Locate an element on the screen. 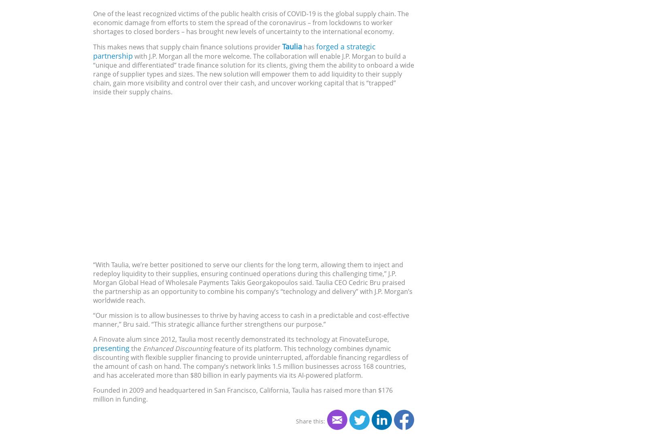 The height and width of the screenshot is (434, 668). 'presenting' is located at coordinates (111, 347).